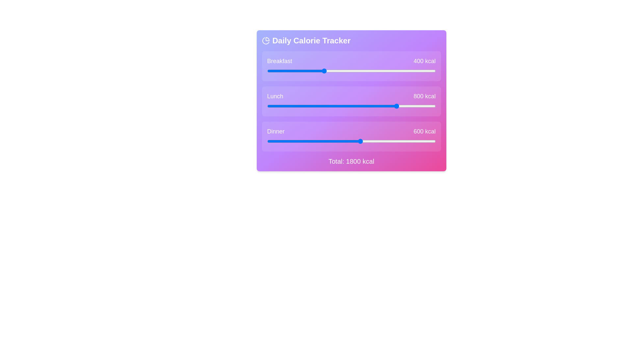 The height and width of the screenshot is (355, 632). What do you see at coordinates (414, 106) in the screenshot?
I see `the lunch calorie value` at bounding box center [414, 106].